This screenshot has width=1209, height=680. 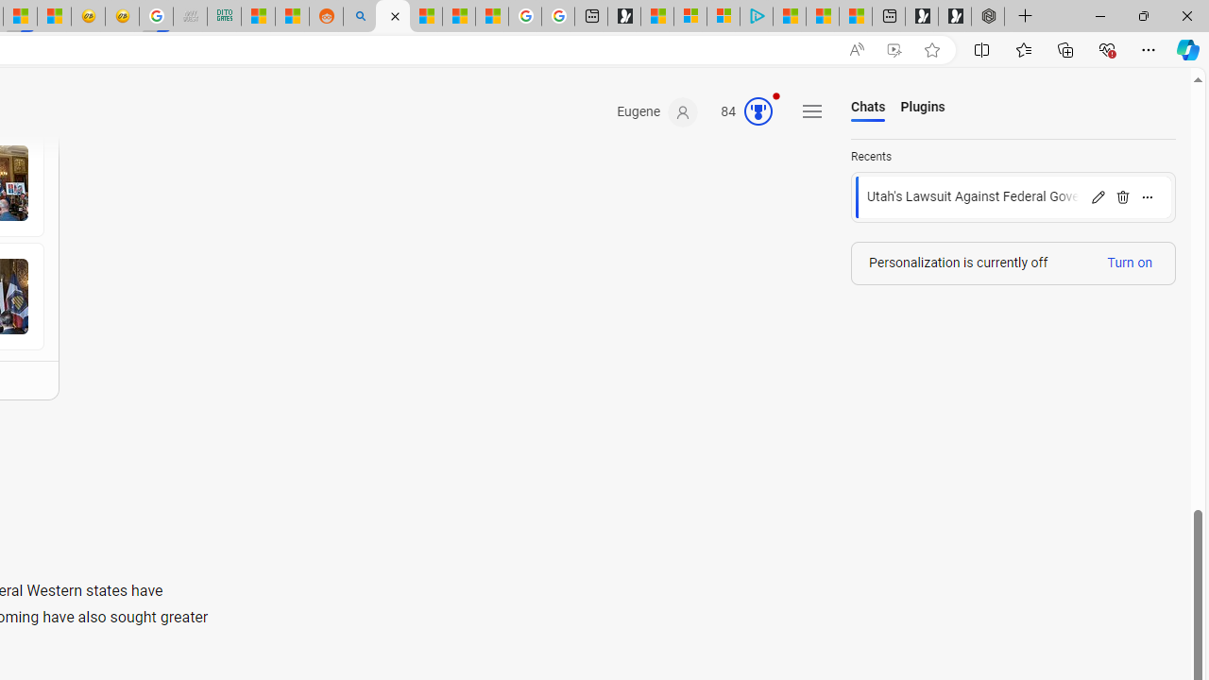 What do you see at coordinates (893, 49) in the screenshot?
I see `'Enhance video'` at bounding box center [893, 49].